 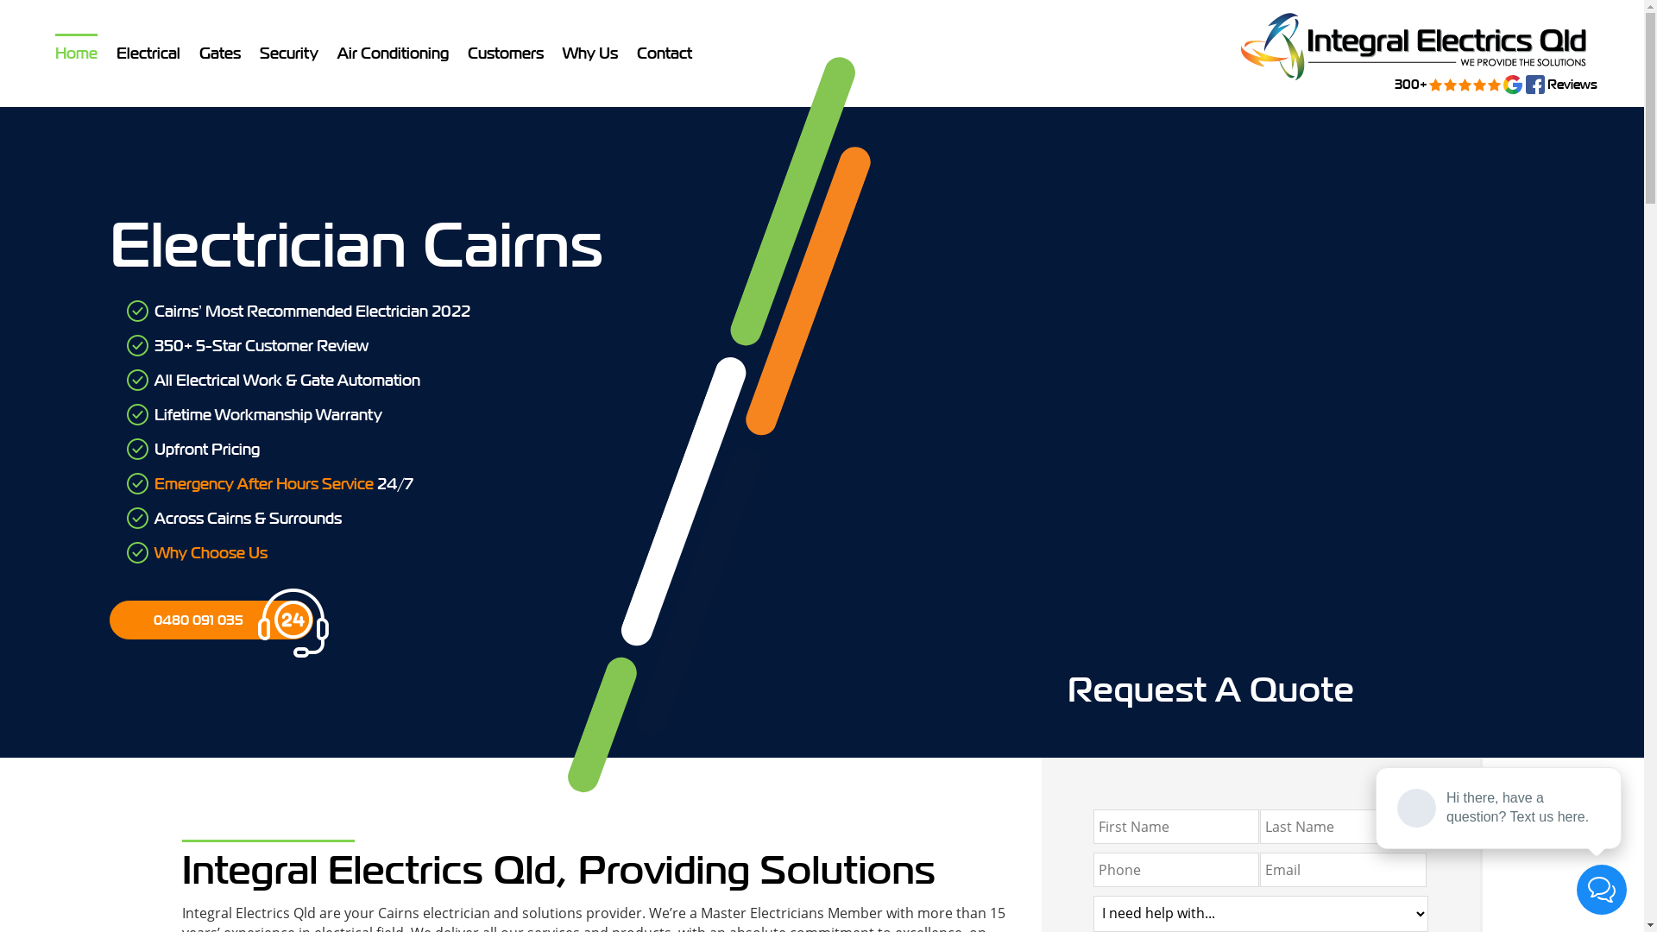 I want to click on 'Emergency After Hours Service', so click(x=263, y=483).